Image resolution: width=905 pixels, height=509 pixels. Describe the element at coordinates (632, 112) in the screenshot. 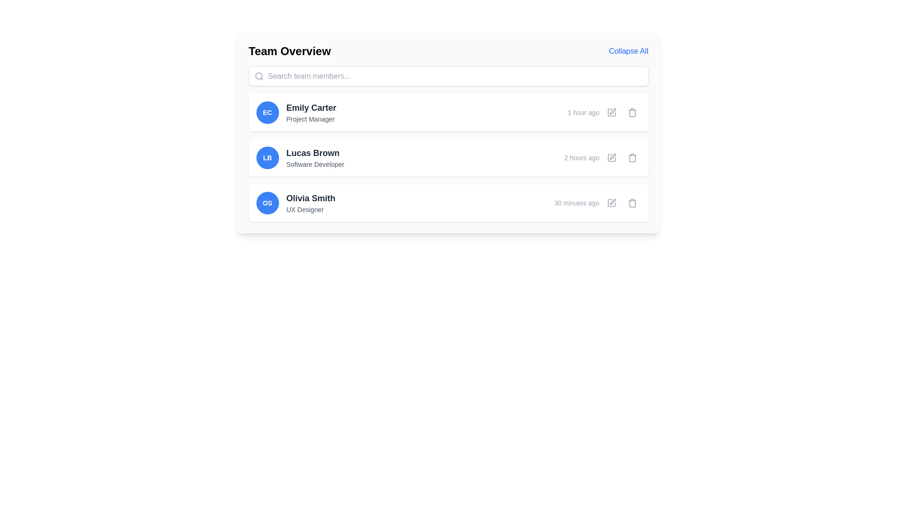

I see `the delete button located at the far-right end of the row of icons` at that location.